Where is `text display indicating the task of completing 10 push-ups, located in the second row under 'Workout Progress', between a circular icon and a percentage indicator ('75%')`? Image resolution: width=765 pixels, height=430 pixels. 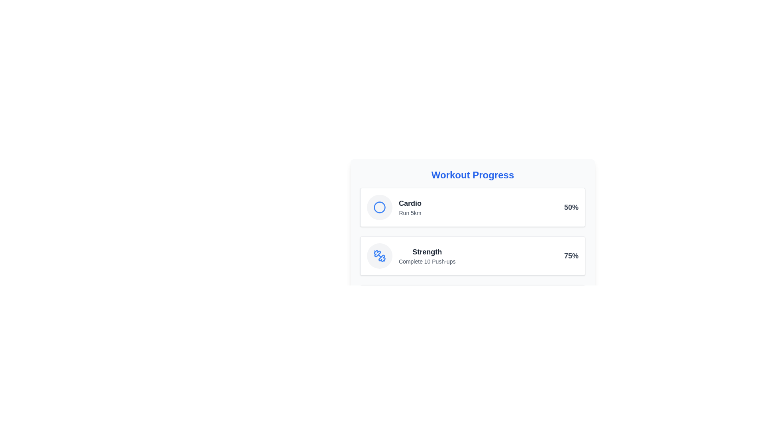
text display indicating the task of completing 10 push-ups, located in the second row under 'Workout Progress', between a circular icon and a percentage indicator ('75%') is located at coordinates (427, 256).